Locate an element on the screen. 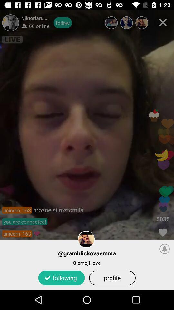 The image size is (174, 310). item next to the @gramblickovaemma item is located at coordinates (165, 248).